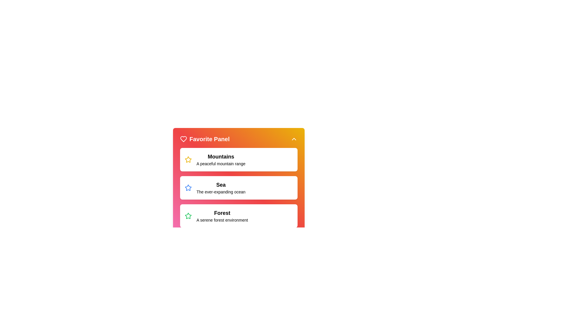 The height and width of the screenshot is (317, 564). Describe the element at coordinates (183, 139) in the screenshot. I see `the heart-shaped icon outlined in white against a red background, which is located to the left of the text 'Favorite Panel' in the header section` at that location.